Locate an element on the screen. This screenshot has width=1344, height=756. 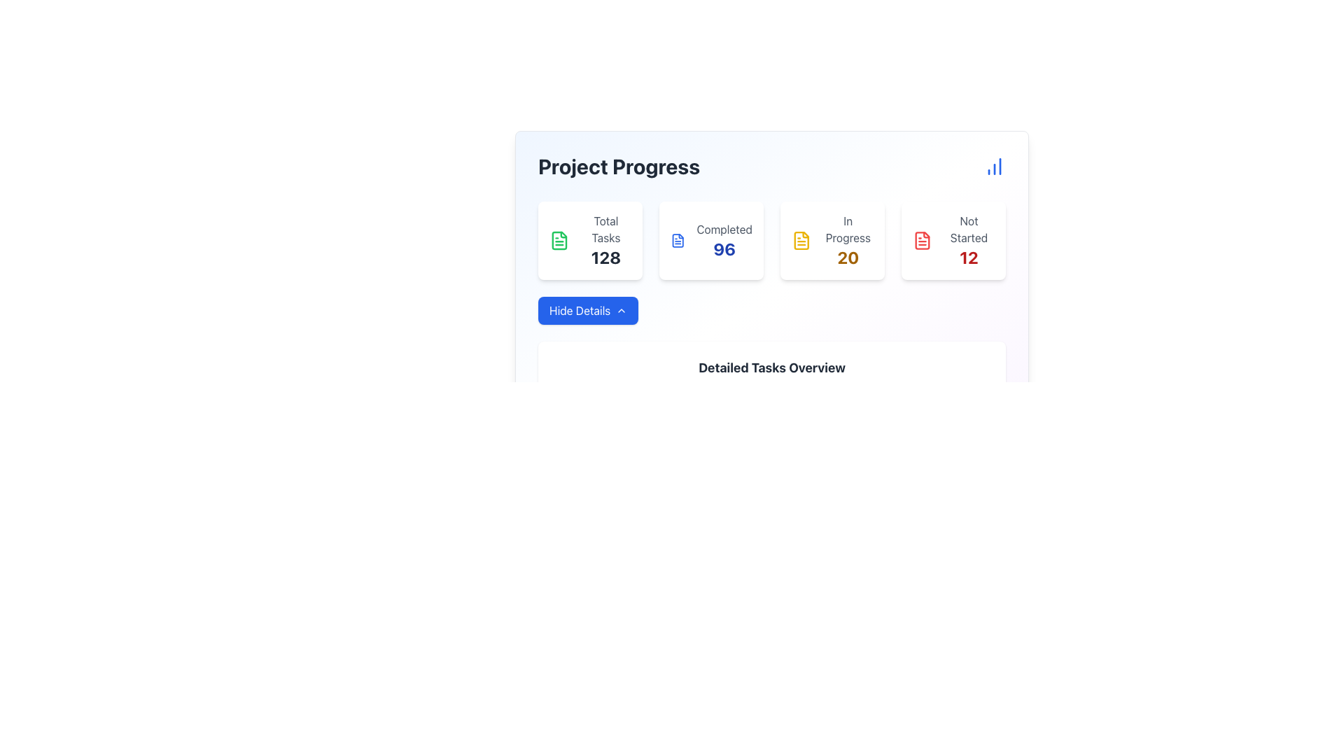
the bolded, large-sized number '128', which is the total tasks label, positioned below the 'Total Tasks' text in the leftmost card is located at coordinates (605, 257).